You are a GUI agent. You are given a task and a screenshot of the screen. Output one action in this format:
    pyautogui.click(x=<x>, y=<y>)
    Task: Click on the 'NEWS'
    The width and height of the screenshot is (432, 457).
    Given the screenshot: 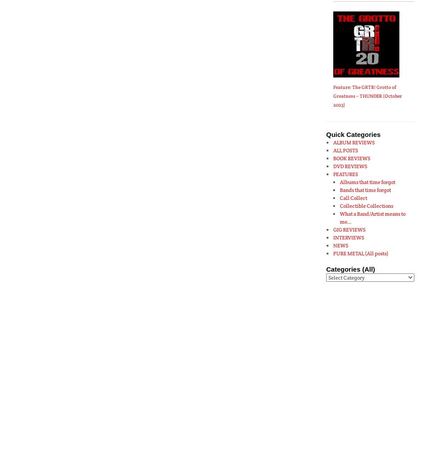 What is the action you would take?
    pyautogui.click(x=340, y=244)
    